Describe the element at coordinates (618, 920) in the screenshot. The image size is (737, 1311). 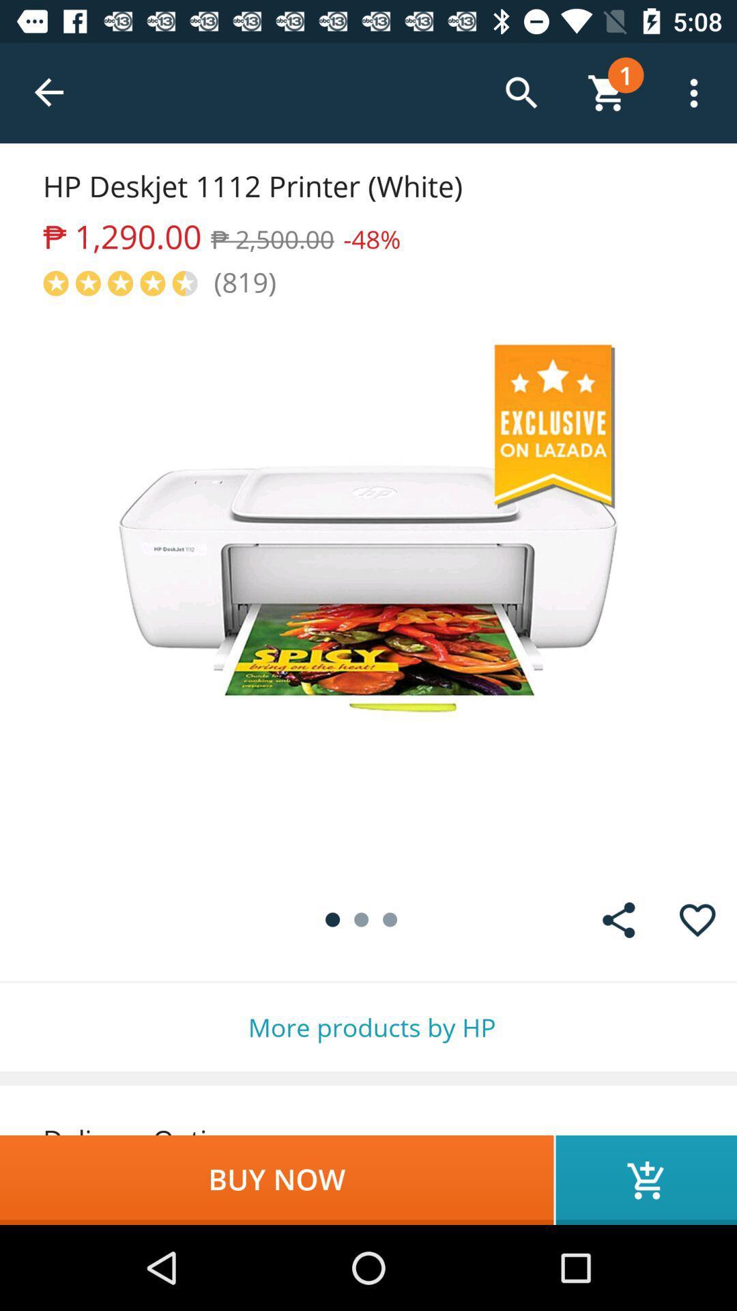
I see `the item above more products by item` at that location.